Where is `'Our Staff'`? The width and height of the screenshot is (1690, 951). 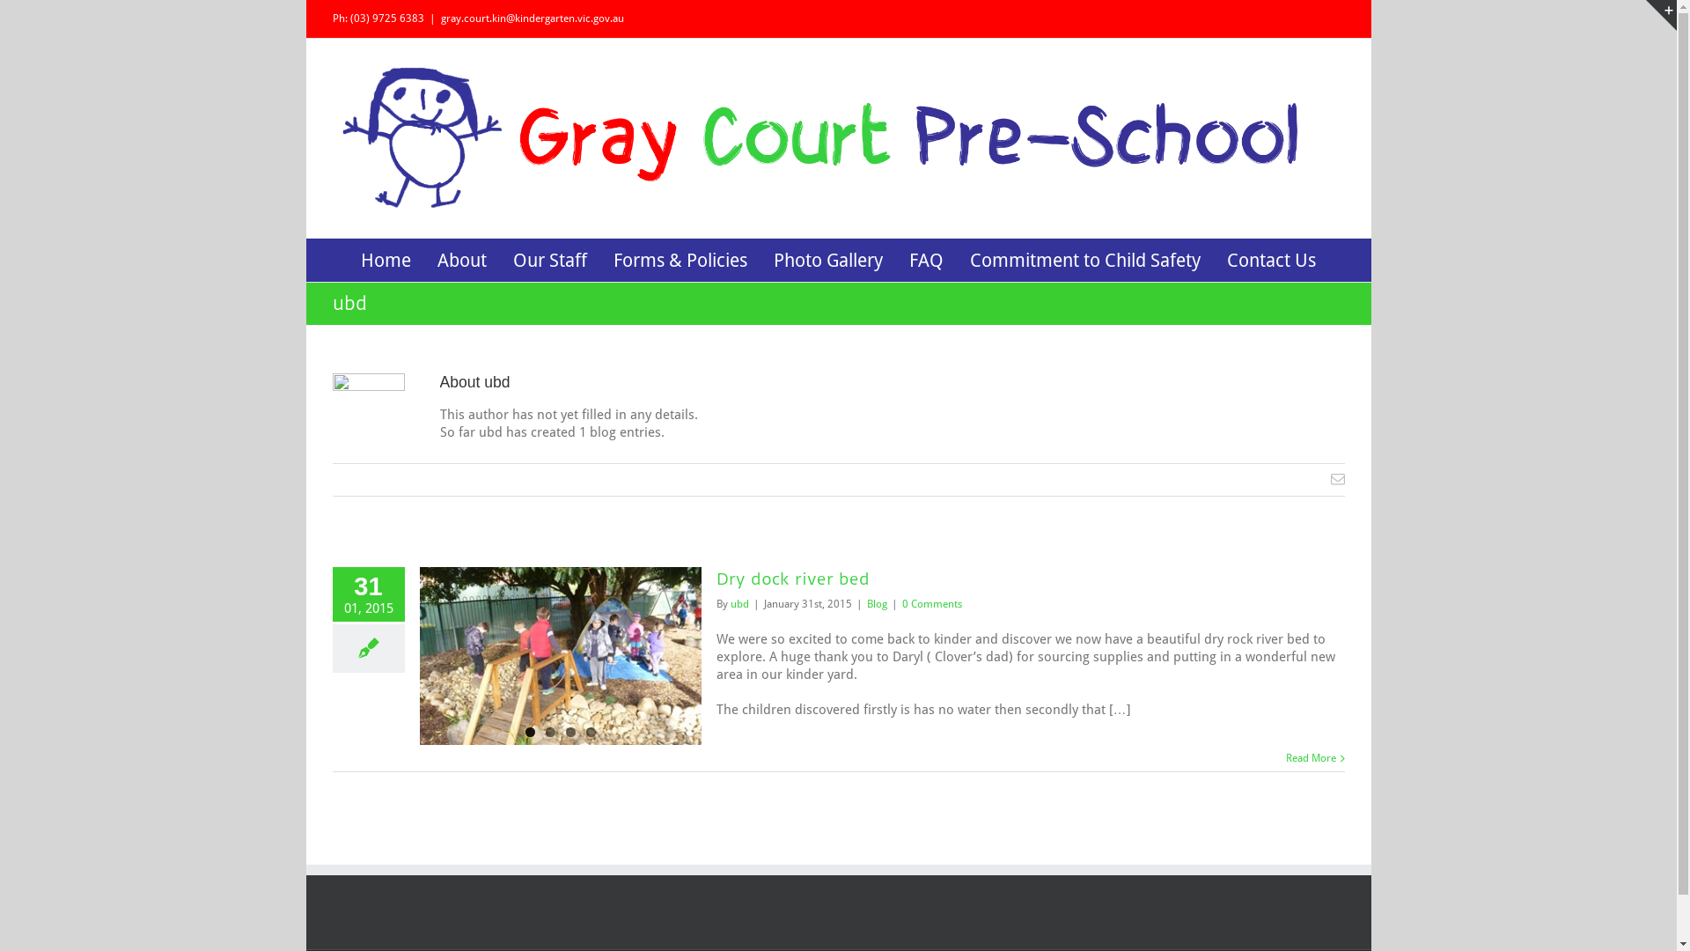
'Our Staff' is located at coordinates (548, 259).